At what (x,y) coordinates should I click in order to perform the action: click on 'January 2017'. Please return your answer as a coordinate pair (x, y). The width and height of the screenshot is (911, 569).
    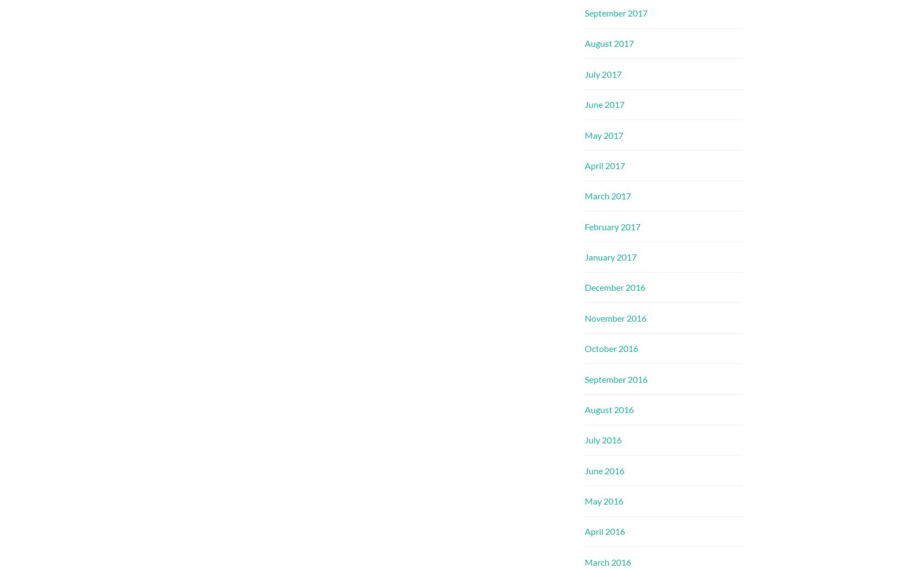
    Looking at the image, I should click on (610, 257).